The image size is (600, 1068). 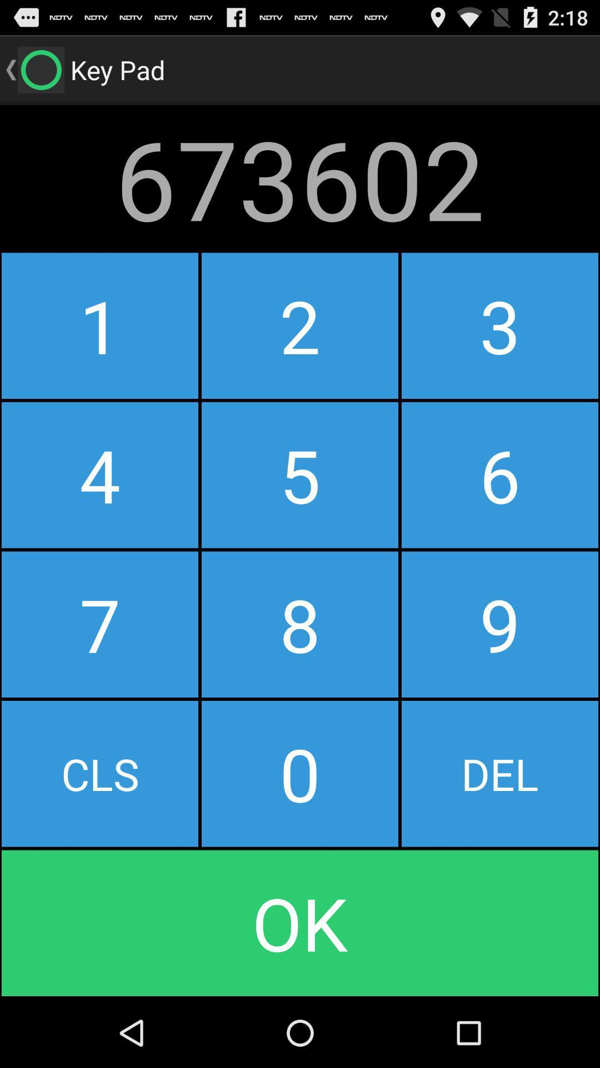 What do you see at coordinates (100, 475) in the screenshot?
I see `icon below the 1` at bounding box center [100, 475].